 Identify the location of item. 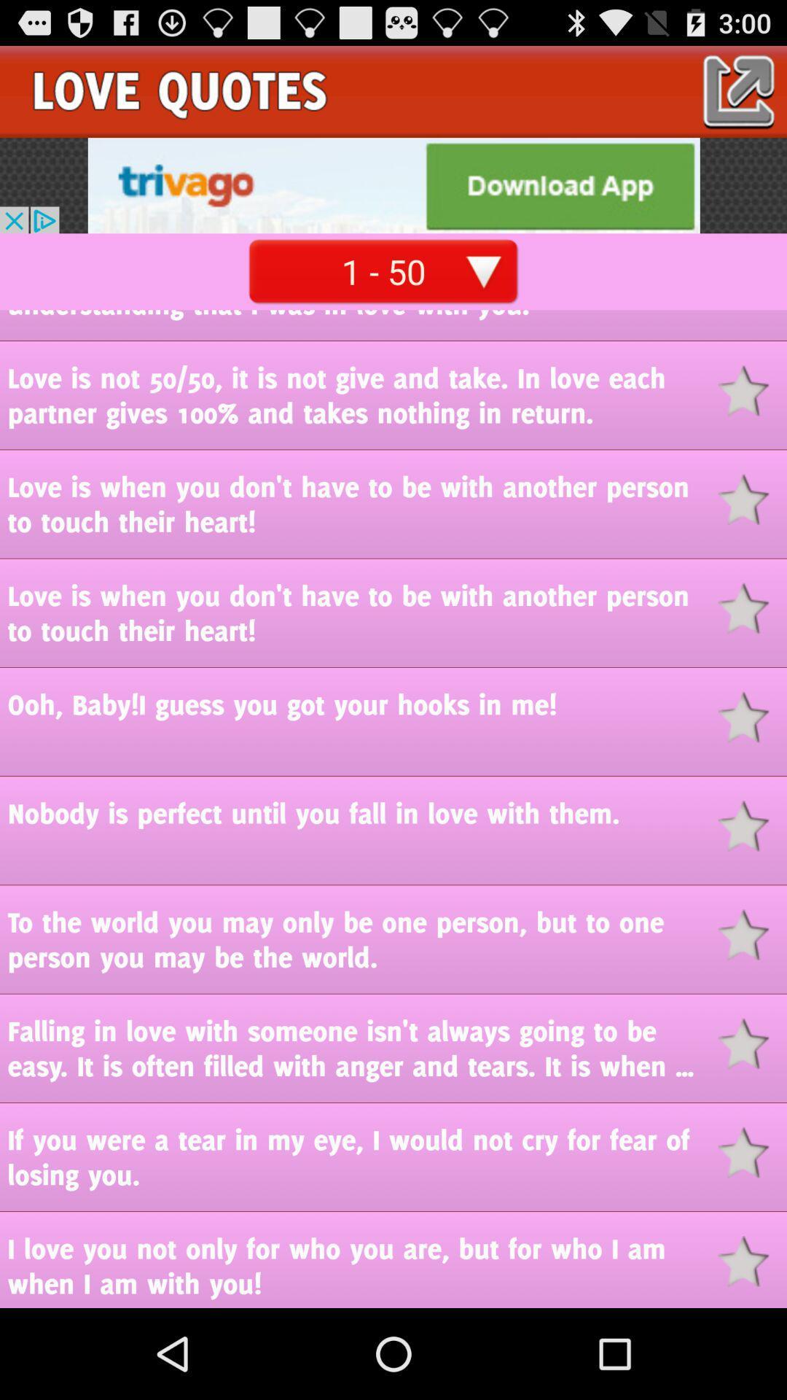
(752, 1043).